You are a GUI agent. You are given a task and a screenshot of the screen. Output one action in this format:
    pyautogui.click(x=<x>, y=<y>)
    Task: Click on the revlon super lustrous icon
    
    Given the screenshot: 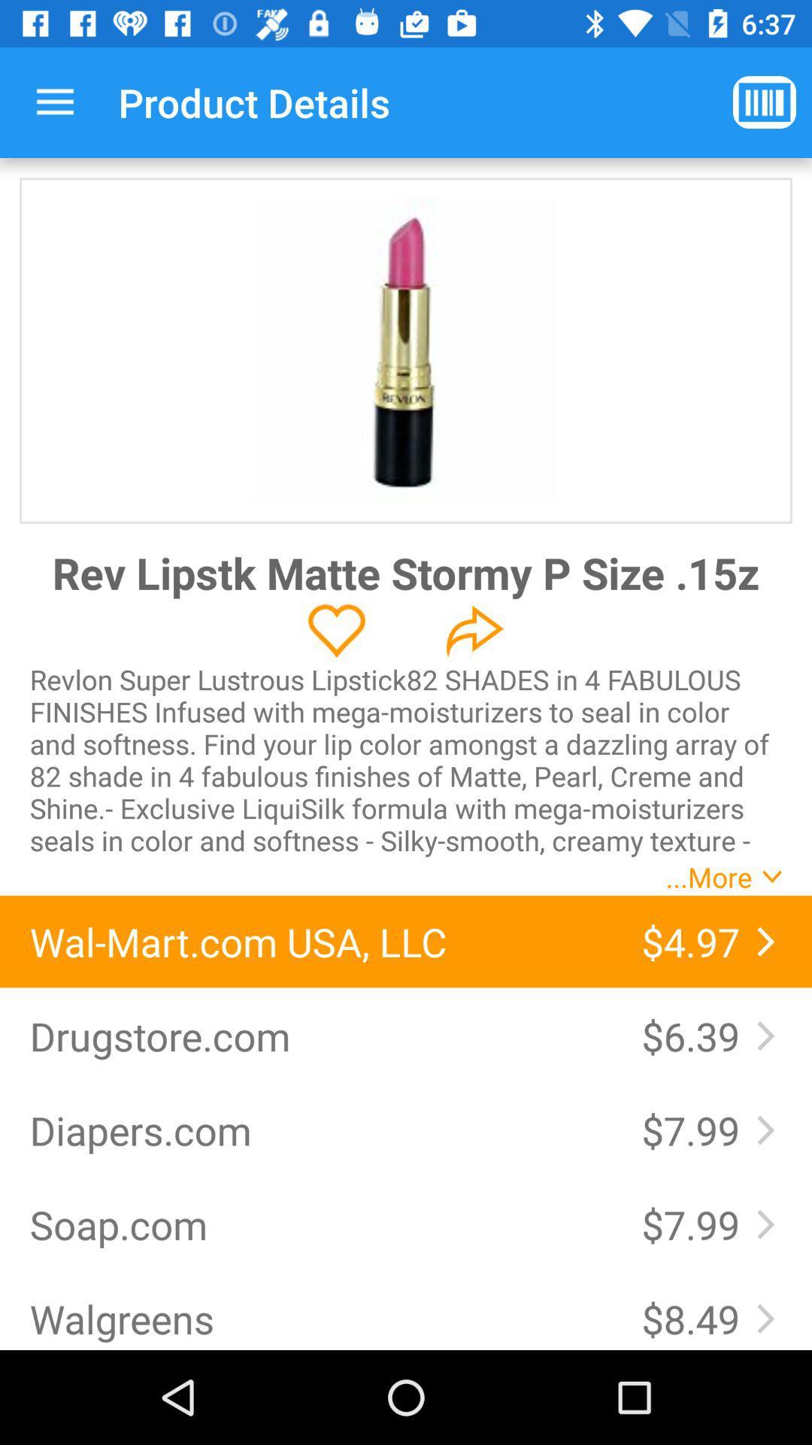 What is the action you would take?
    pyautogui.click(x=406, y=759)
    